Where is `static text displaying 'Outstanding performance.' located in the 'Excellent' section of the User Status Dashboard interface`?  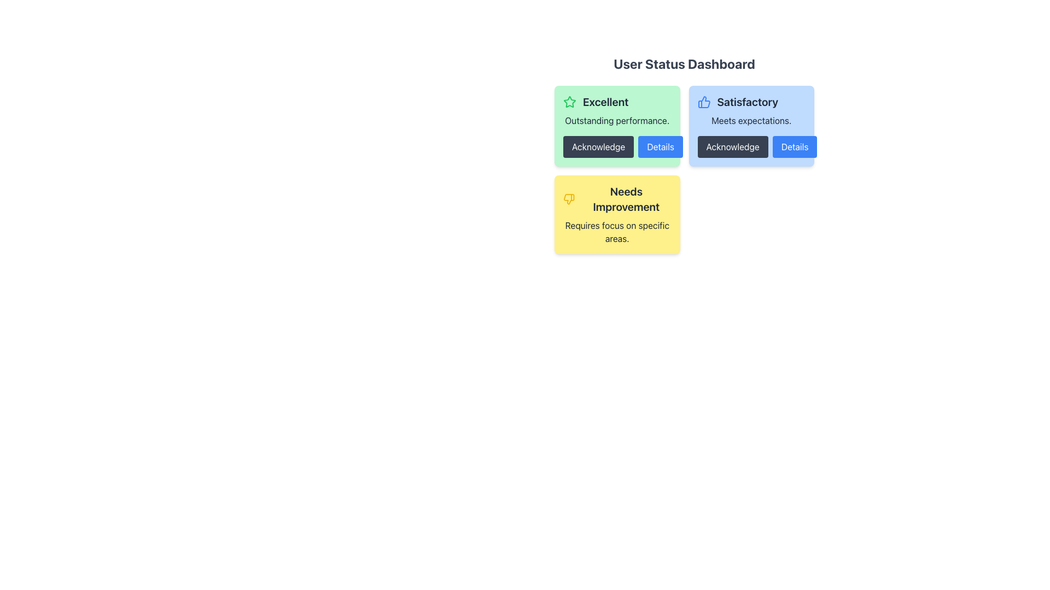
static text displaying 'Outstanding performance.' located in the 'Excellent' section of the User Status Dashboard interface is located at coordinates (617, 120).